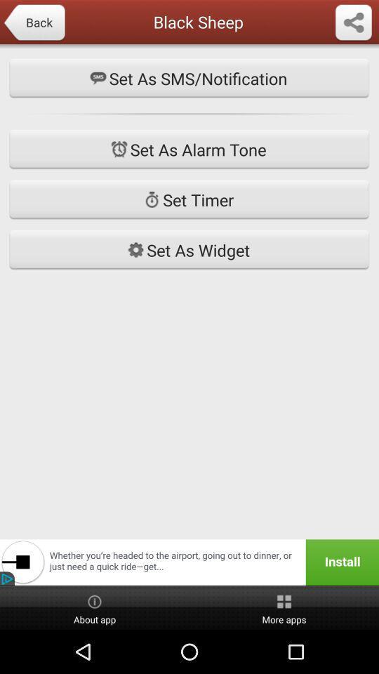 The height and width of the screenshot is (674, 379). Describe the element at coordinates (352, 22) in the screenshot. I see `share` at that location.